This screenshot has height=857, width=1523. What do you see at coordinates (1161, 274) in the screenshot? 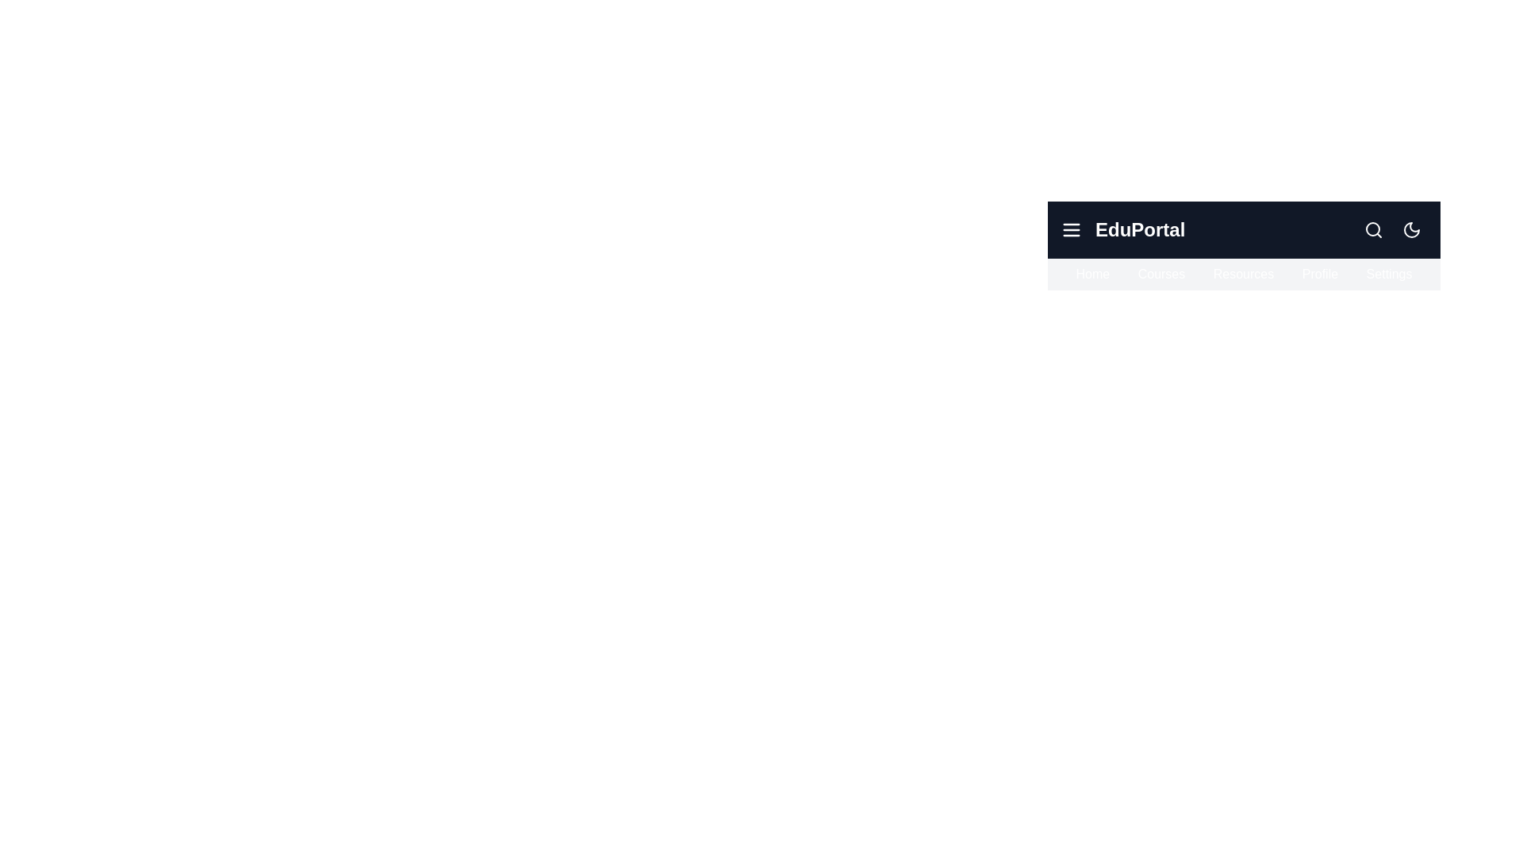
I see `the navigation item Courses from the navigation bar` at bounding box center [1161, 274].